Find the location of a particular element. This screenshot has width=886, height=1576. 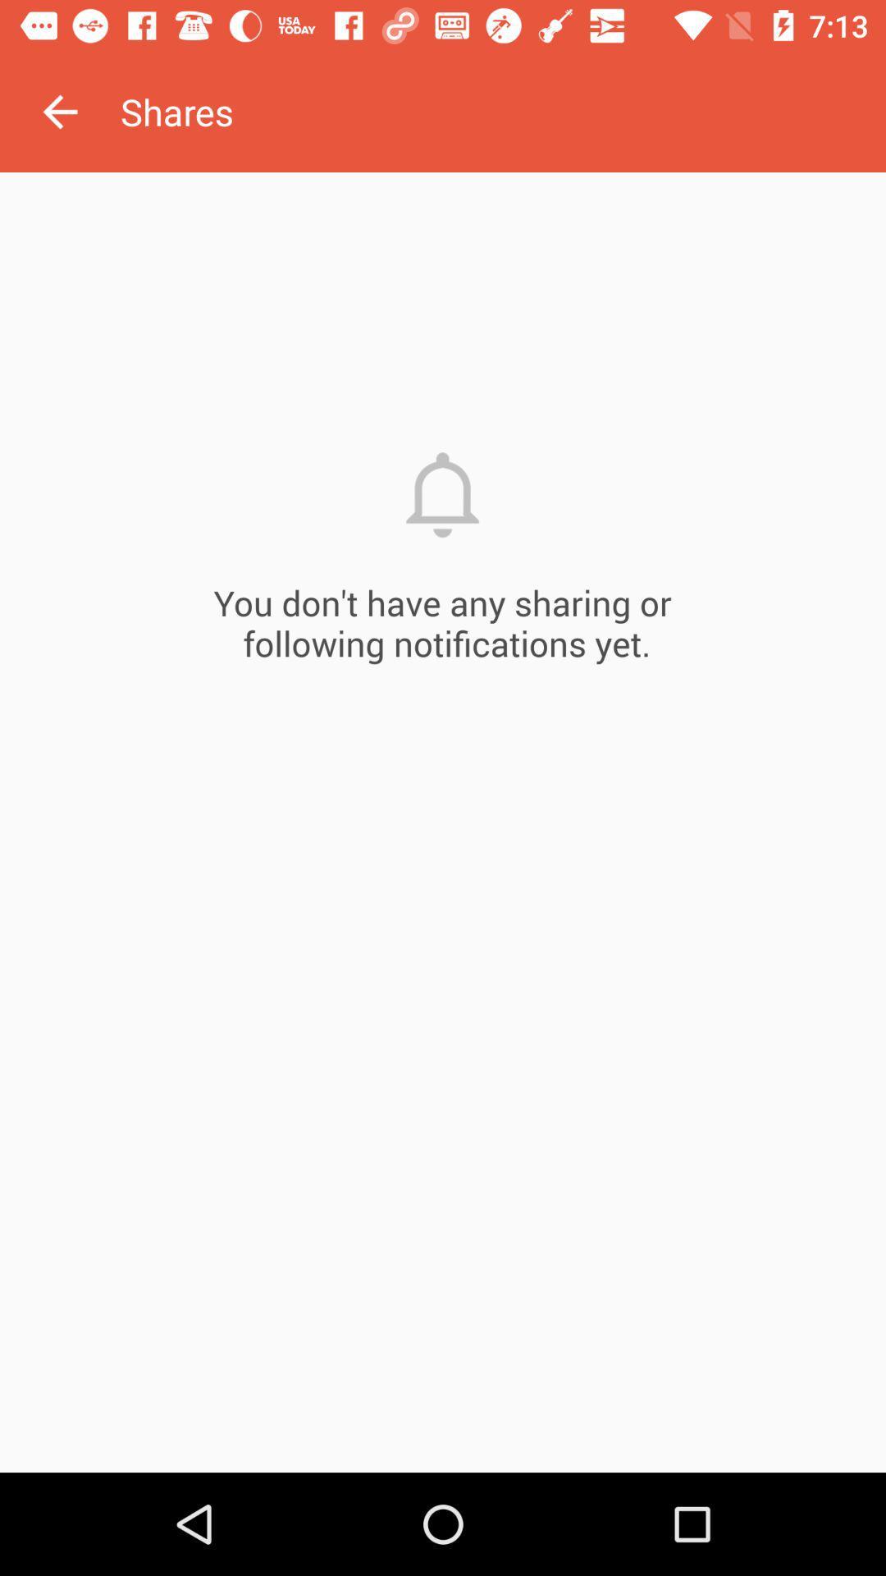

the item next to the shares icon is located at coordinates (59, 111).